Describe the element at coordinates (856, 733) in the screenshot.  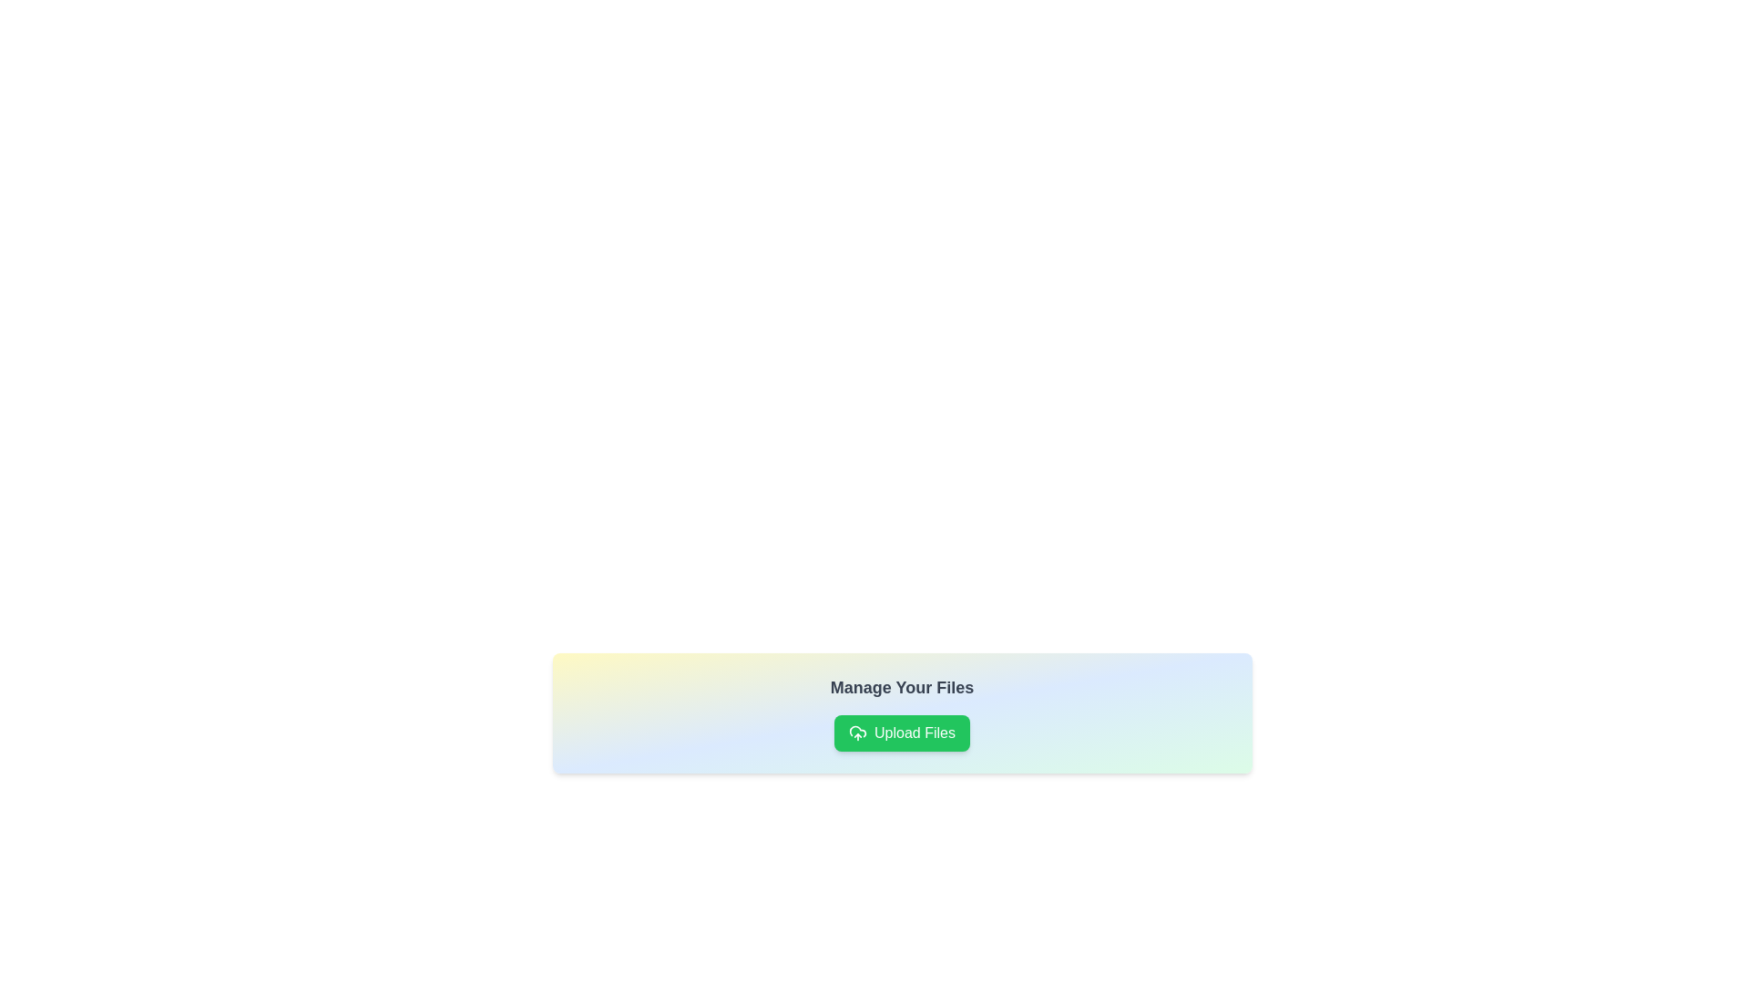
I see `the 'Upload Files' button that contains a cloud-shaped icon with an upward arrow to initiate the upload action` at that location.